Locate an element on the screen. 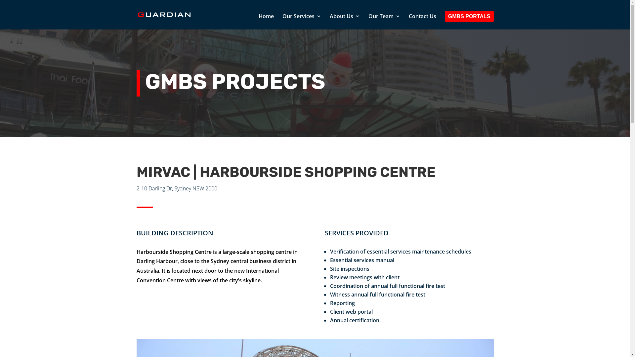  'Contact Us' is located at coordinates (408, 21).